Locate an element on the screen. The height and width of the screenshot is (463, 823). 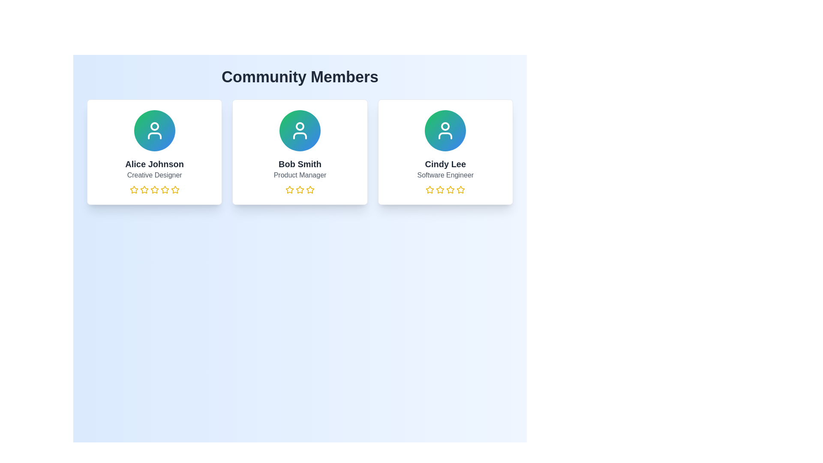
the user profile icon representing 'Bob Smith' in the 'Community Members' section is located at coordinates (300, 130).